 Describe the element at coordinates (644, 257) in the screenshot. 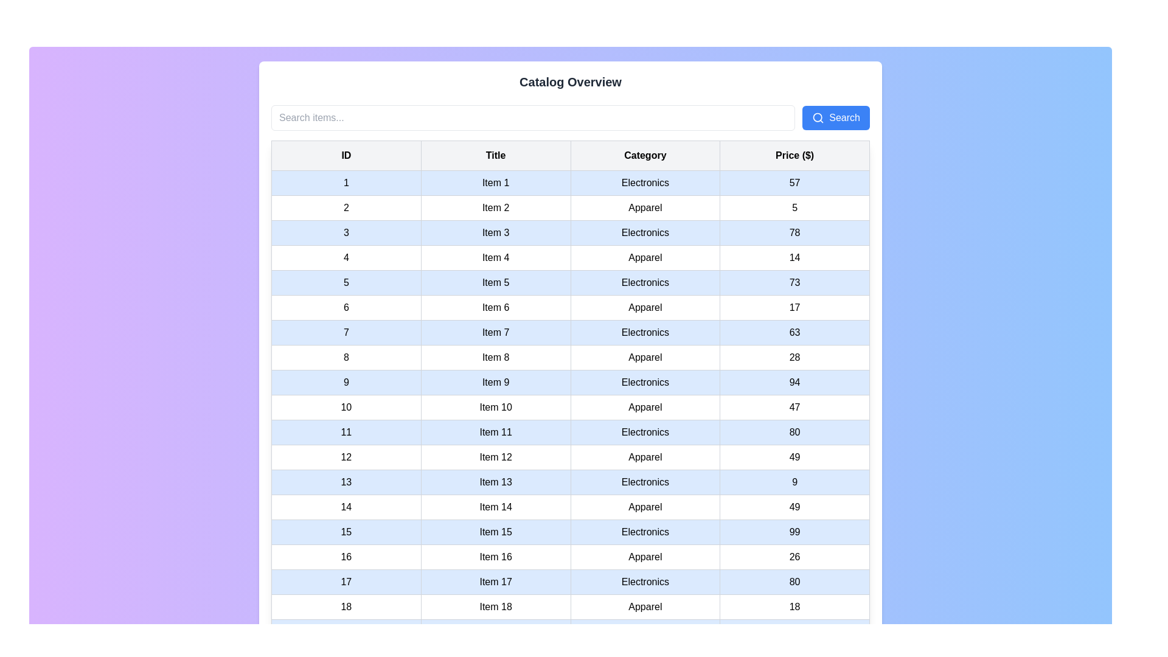

I see `the text field displaying the word 'Apparel' located in the 'Category' column, third from the left, fourth row in the table` at that location.